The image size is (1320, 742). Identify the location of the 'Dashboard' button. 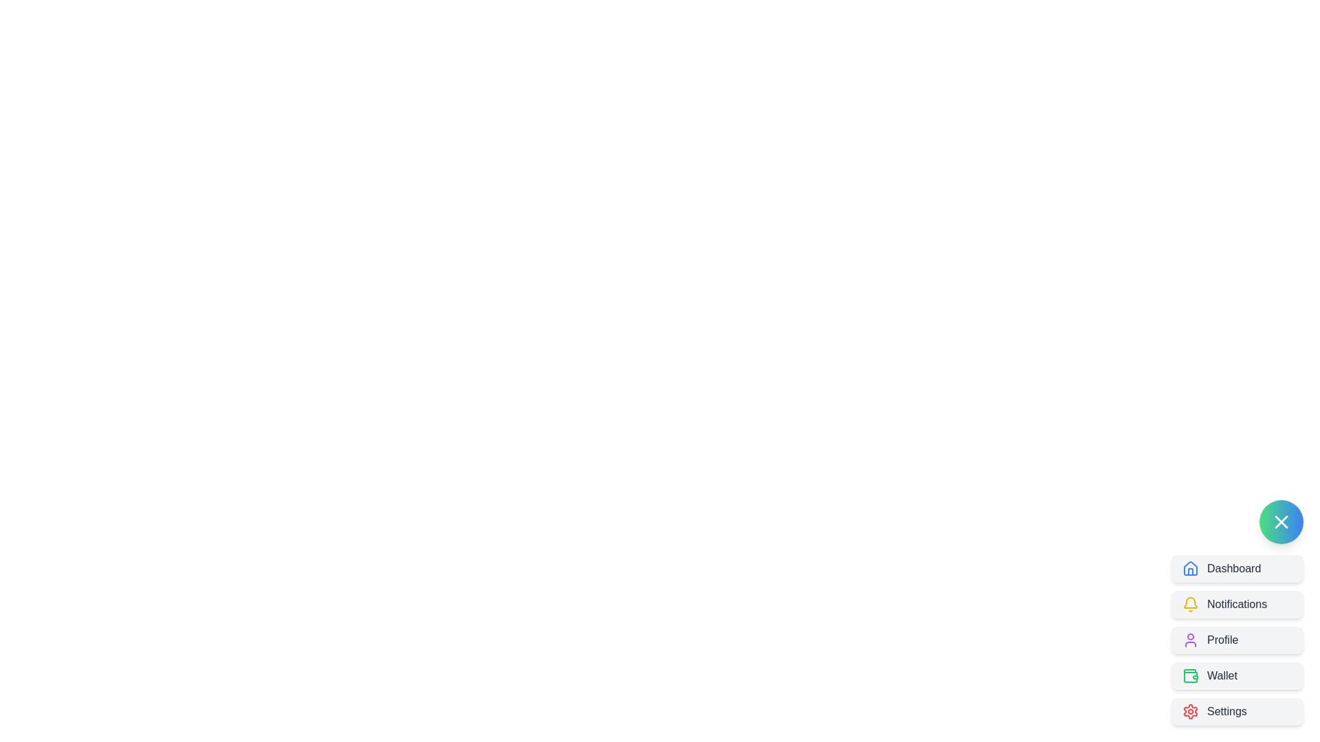
(1237, 569).